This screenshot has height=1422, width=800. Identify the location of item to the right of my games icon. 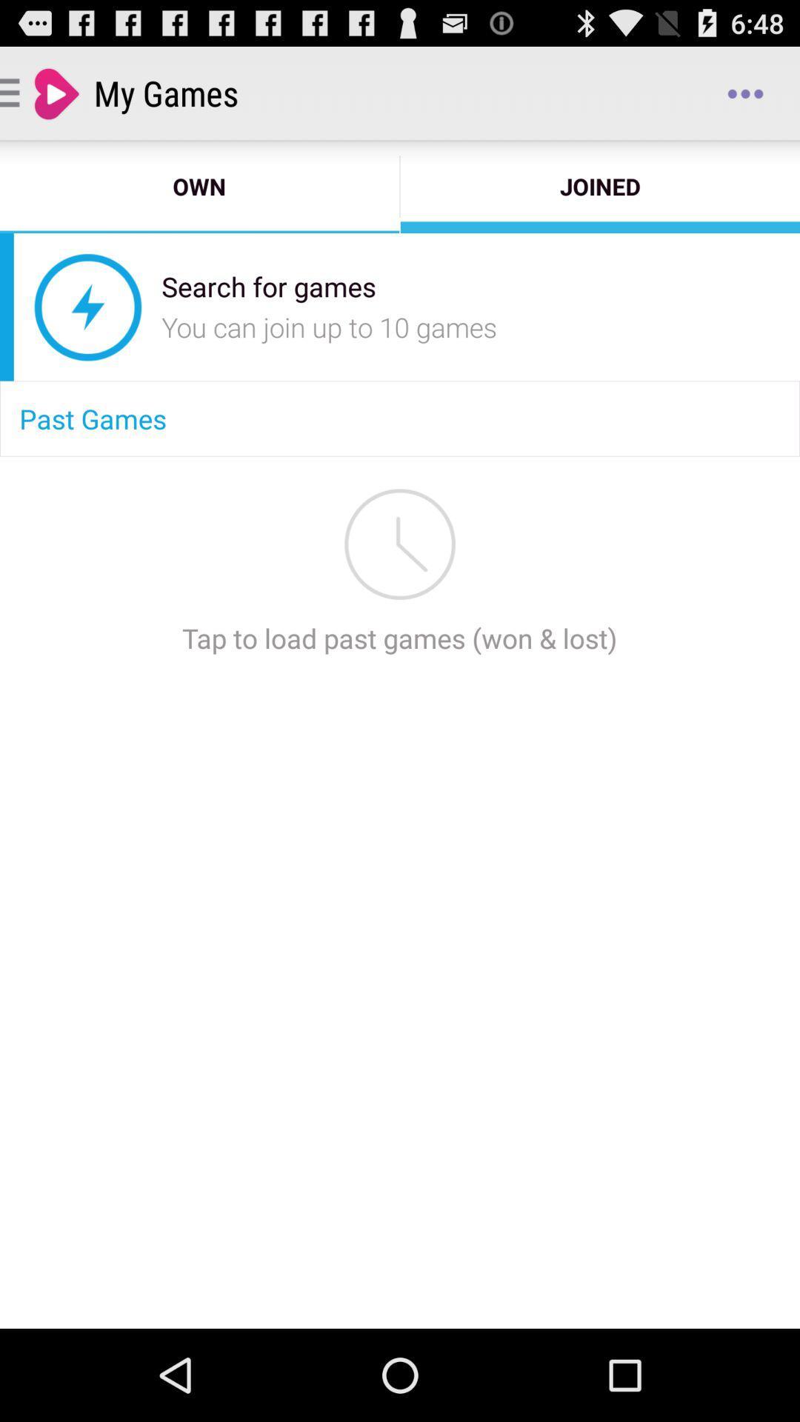
(745, 92).